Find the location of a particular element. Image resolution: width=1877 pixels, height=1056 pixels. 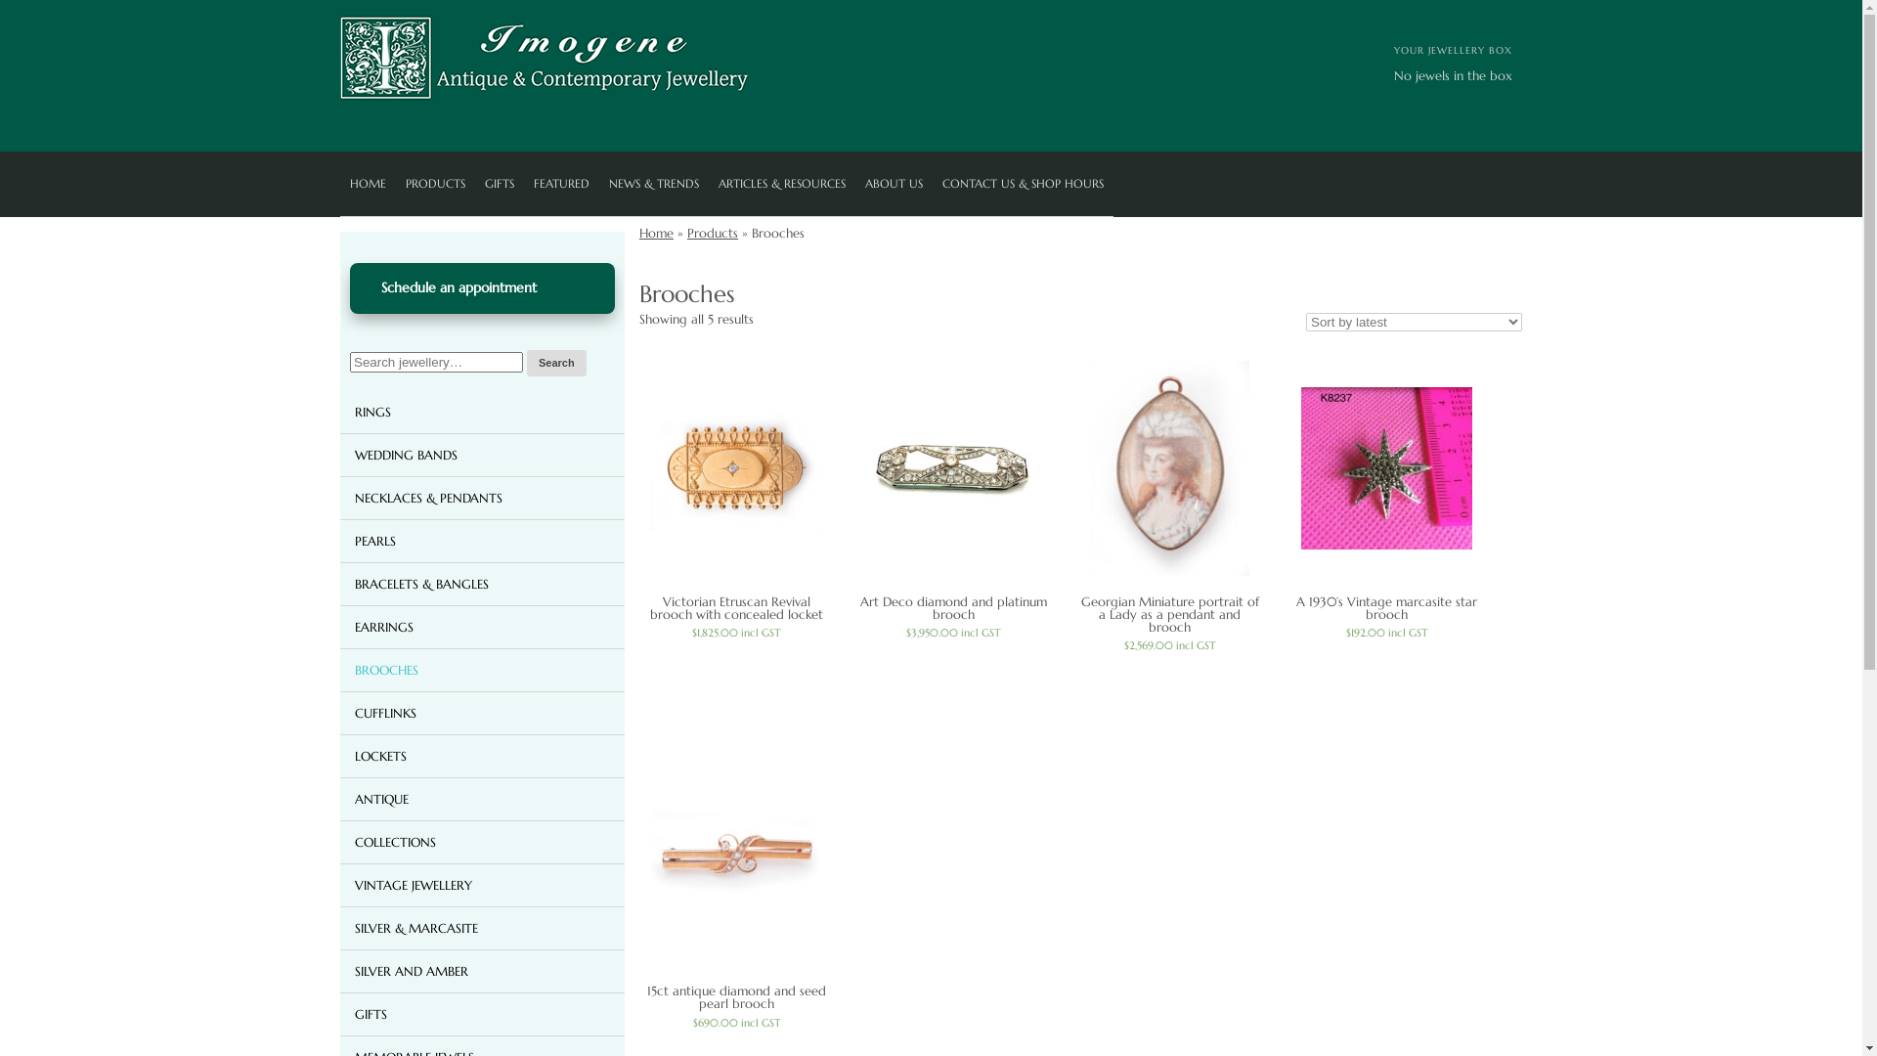

'PEARLS' is located at coordinates (482, 540).